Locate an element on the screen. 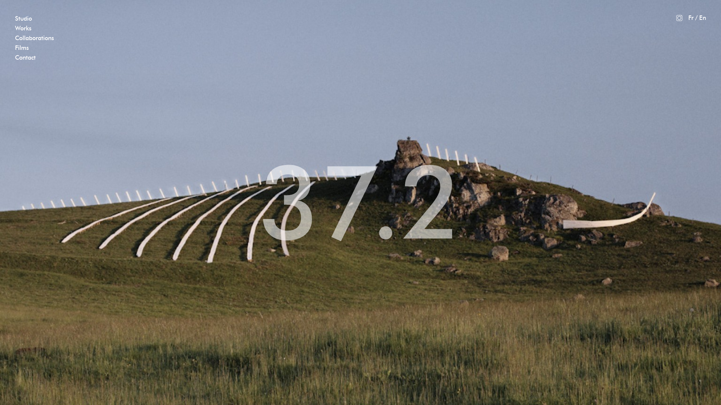  'Films' is located at coordinates (22, 48).